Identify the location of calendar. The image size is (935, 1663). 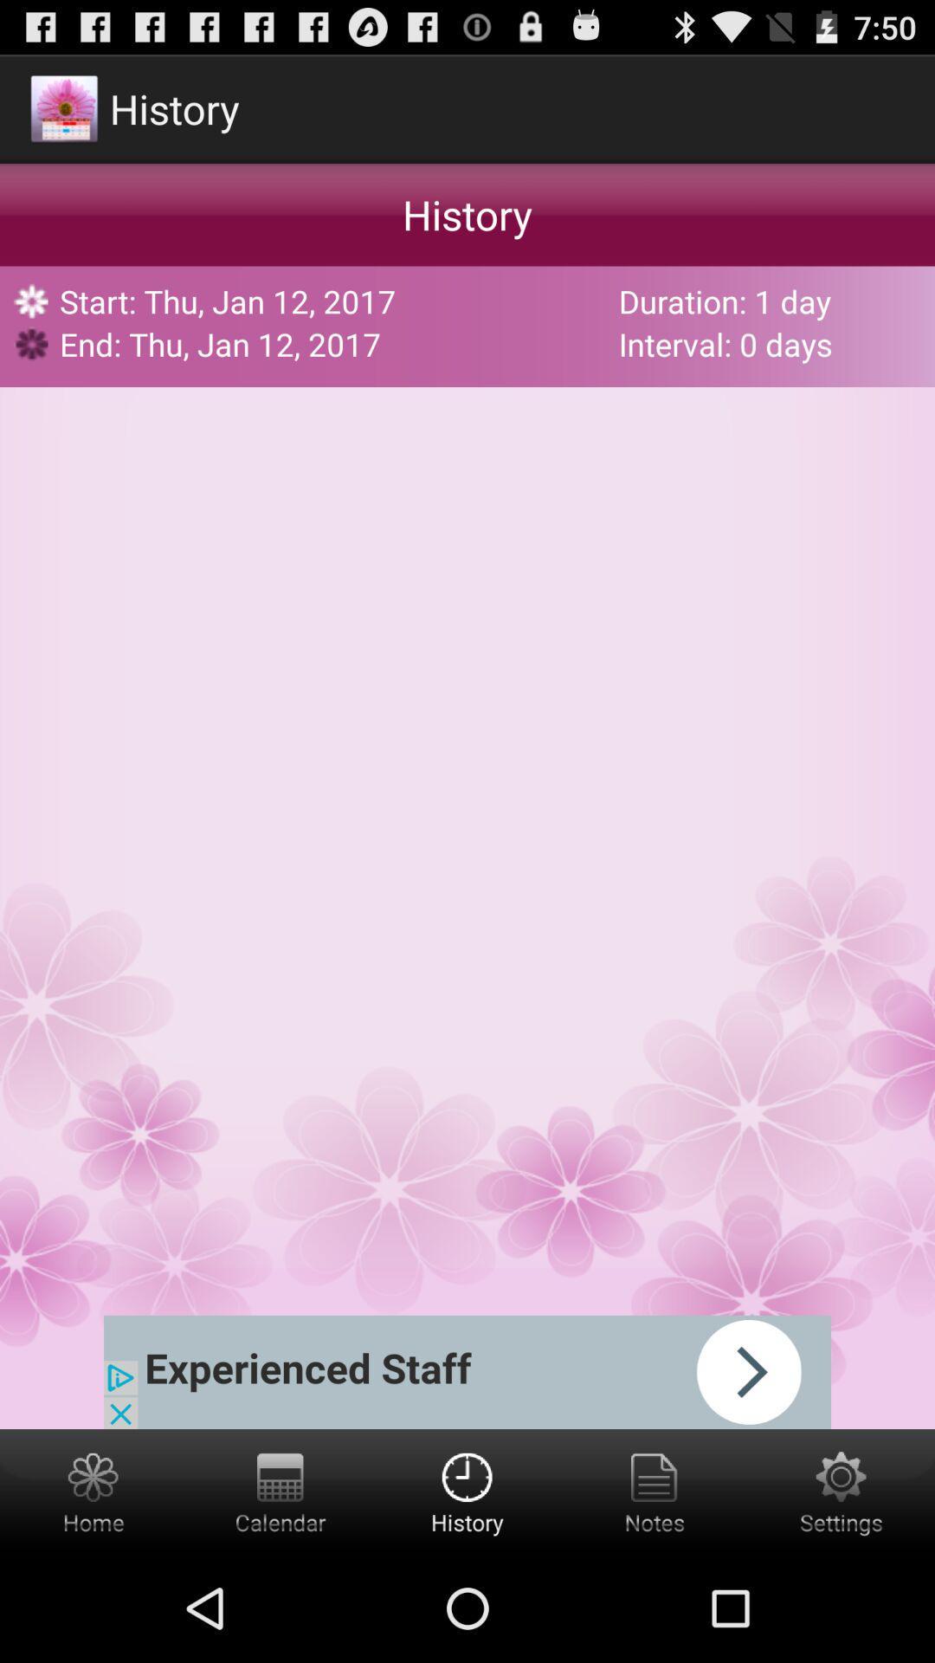
(280, 1491).